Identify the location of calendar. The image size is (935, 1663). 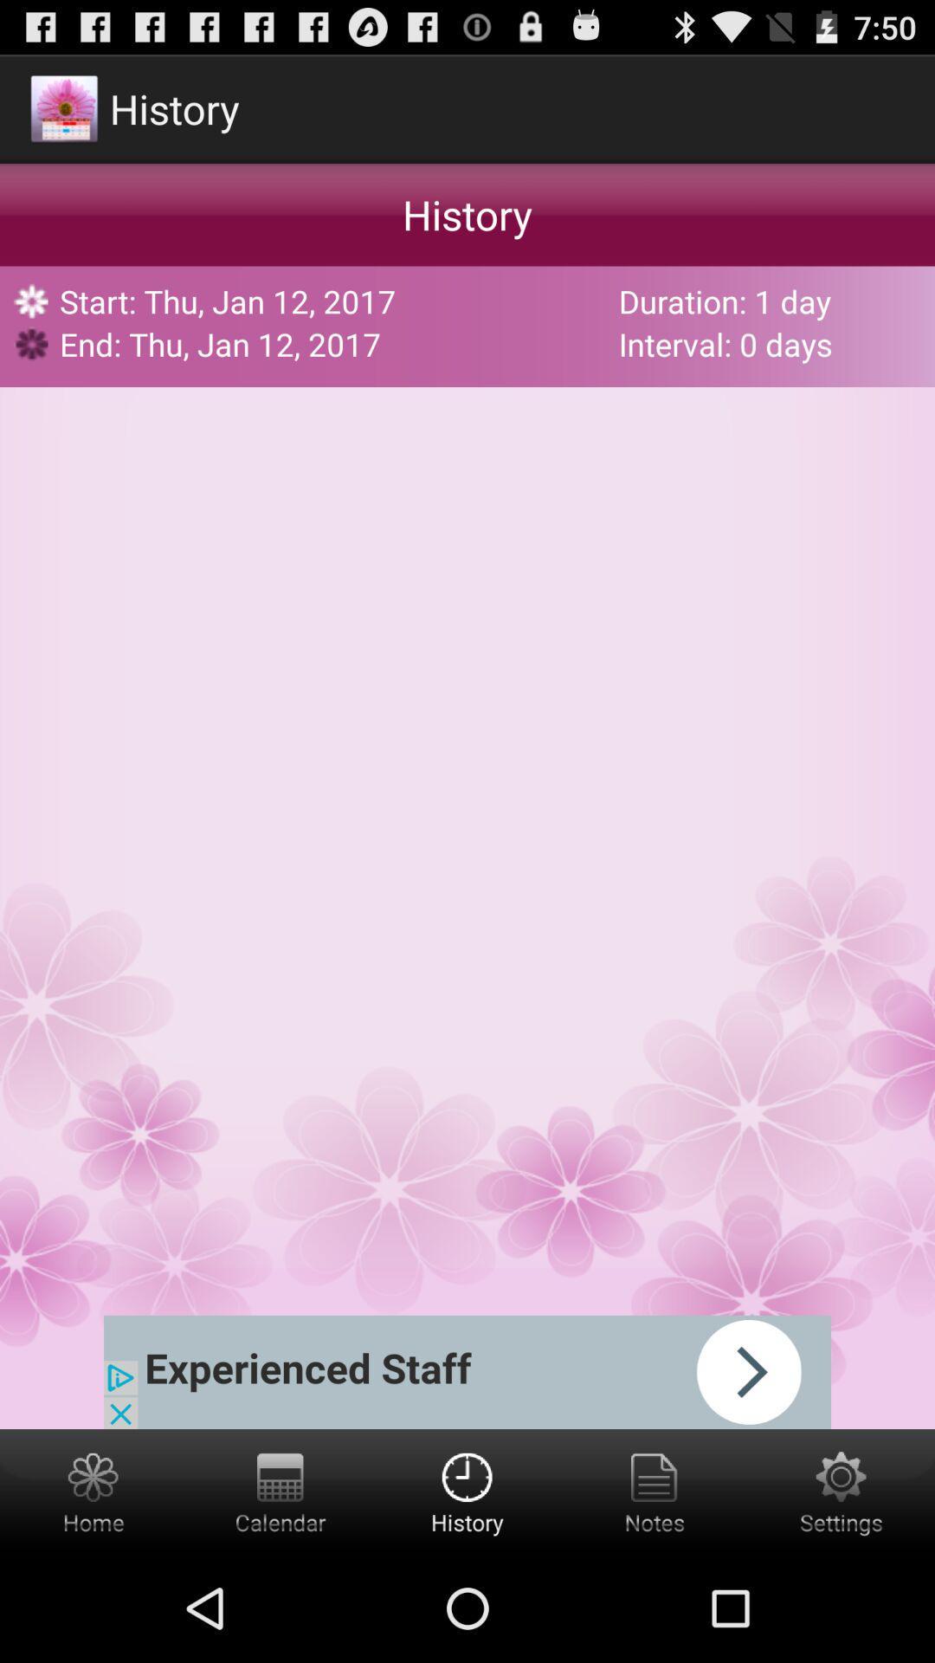
(280, 1491).